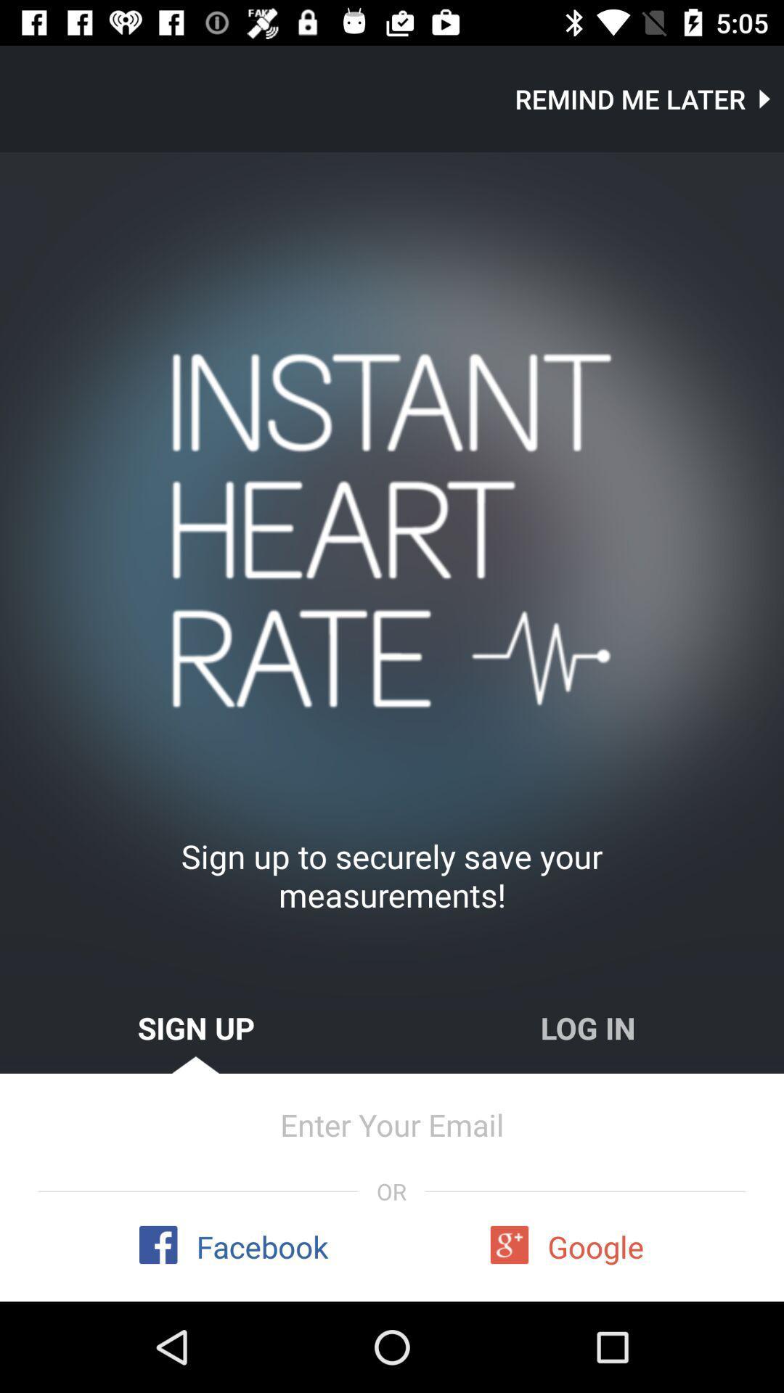 This screenshot has height=1393, width=784. I want to click on the item below the sign up to item, so click(588, 1027).